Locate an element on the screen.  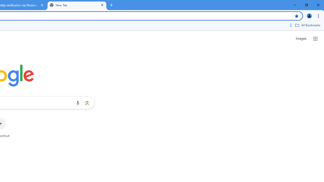
'New Tab' is located at coordinates (77, 5).